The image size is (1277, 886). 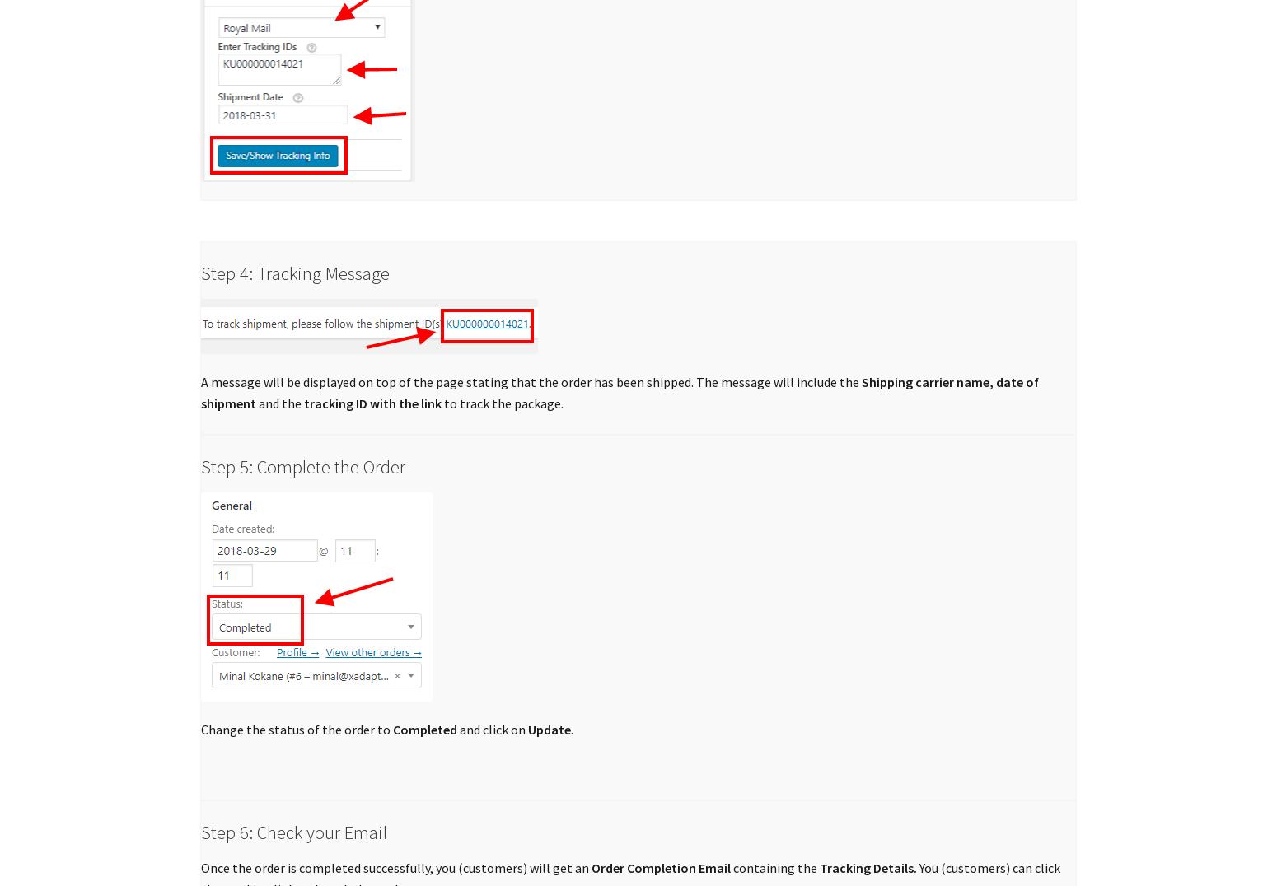 What do you see at coordinates (255, 403) in the screenshot?
I see `'and the'` at bounding box center [255, 403].